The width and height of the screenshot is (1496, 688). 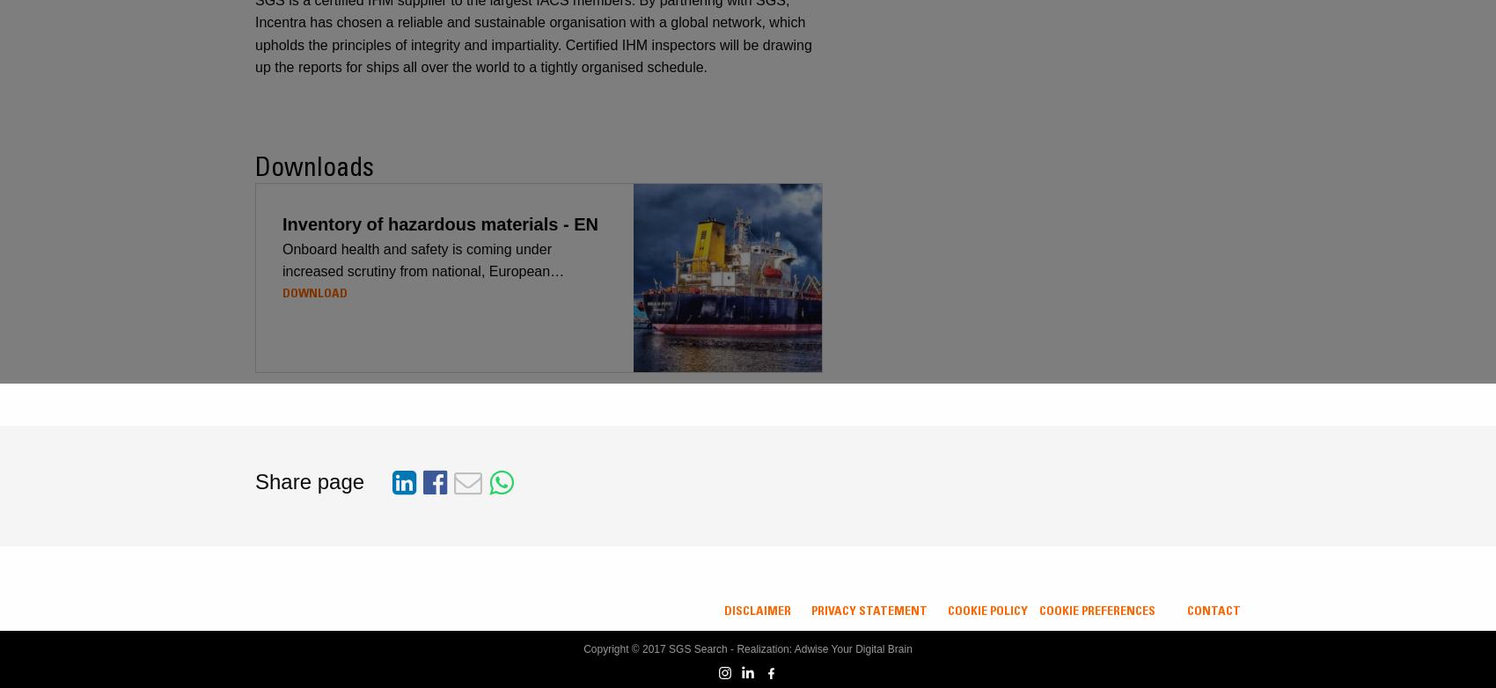 I want to click on 'Cookie Policy', so click(x=987, y=610).